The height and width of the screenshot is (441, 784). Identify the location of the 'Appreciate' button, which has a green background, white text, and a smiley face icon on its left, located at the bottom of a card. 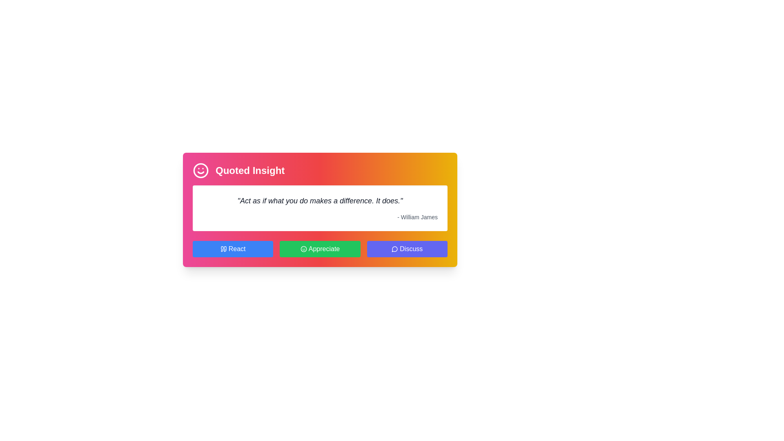
(319, 248).